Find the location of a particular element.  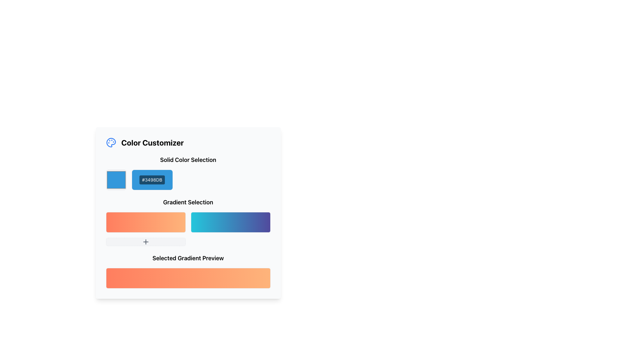

the color selection element located below the 'Solid Color Selection' title within the 'Color Customizer' interface panel is located at coordinates (188, 172).